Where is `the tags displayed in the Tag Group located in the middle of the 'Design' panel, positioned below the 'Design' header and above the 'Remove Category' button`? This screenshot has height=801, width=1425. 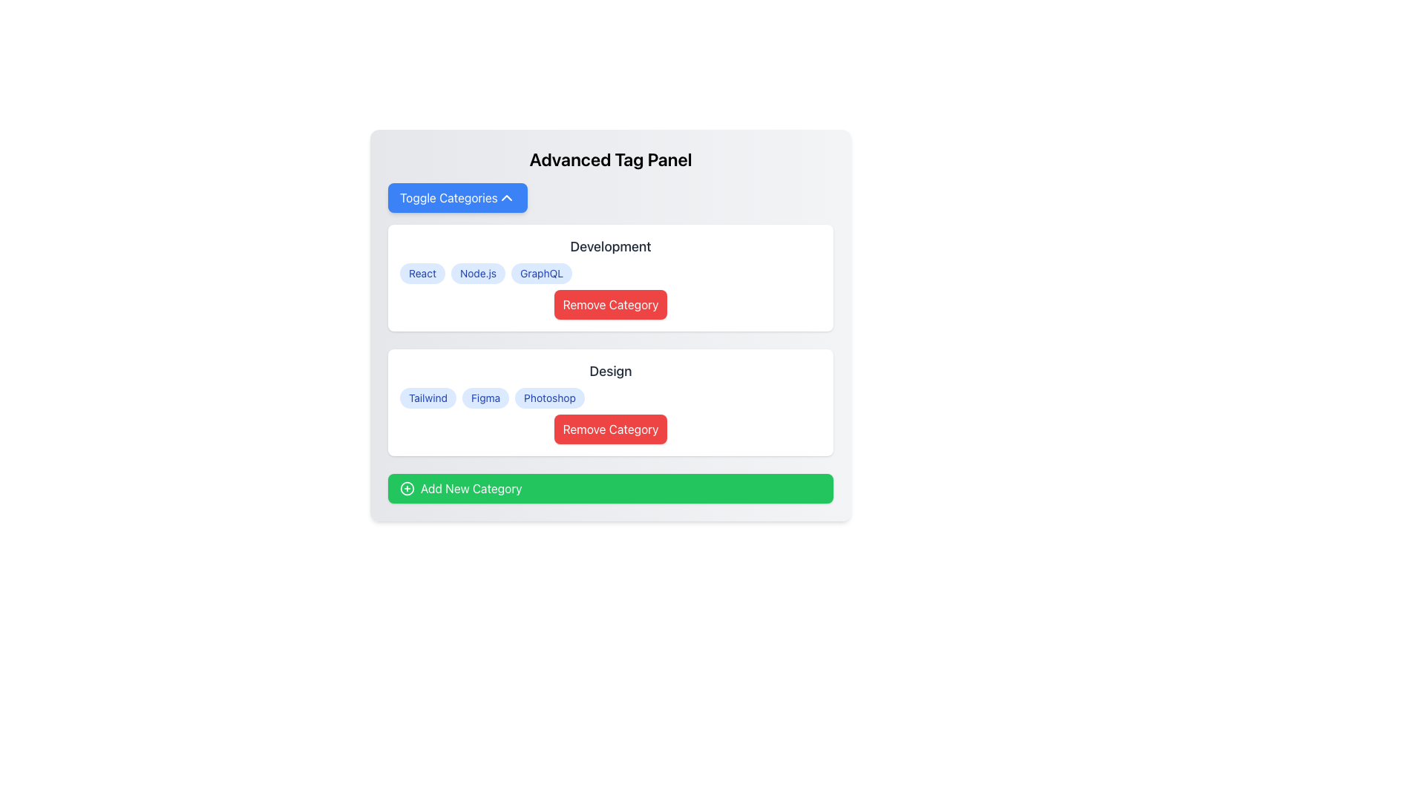 the tags displayed in the Tag Group located in the middle of the 'Design' panel, positioned below the 'Design' header and above the 'Remove Category' button is located at coordinates (610, 397).